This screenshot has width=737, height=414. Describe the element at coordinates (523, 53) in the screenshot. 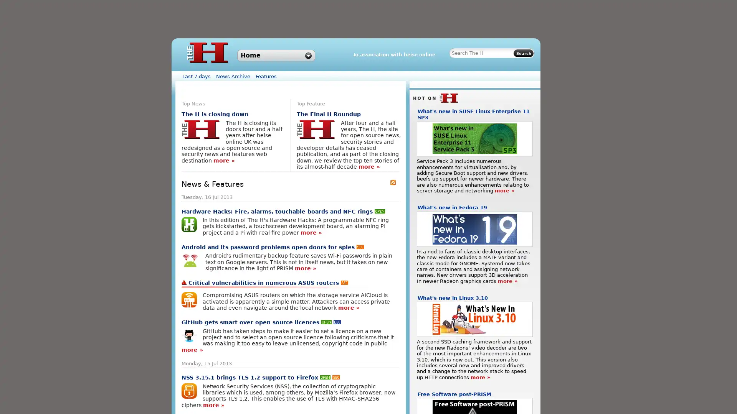

I see `Search` at that location.